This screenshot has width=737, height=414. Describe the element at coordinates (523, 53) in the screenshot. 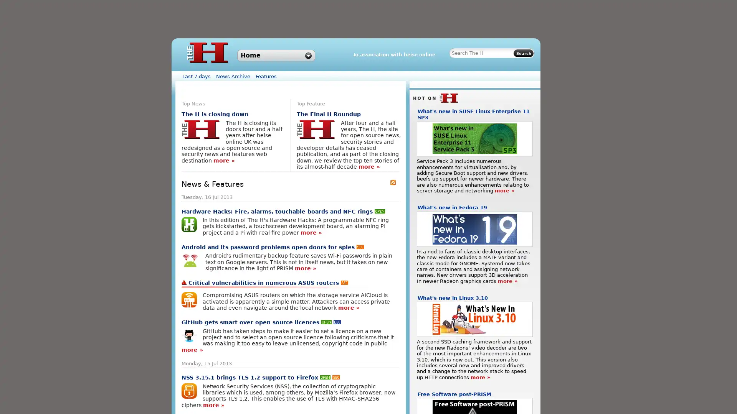

I see `Search` at that location.